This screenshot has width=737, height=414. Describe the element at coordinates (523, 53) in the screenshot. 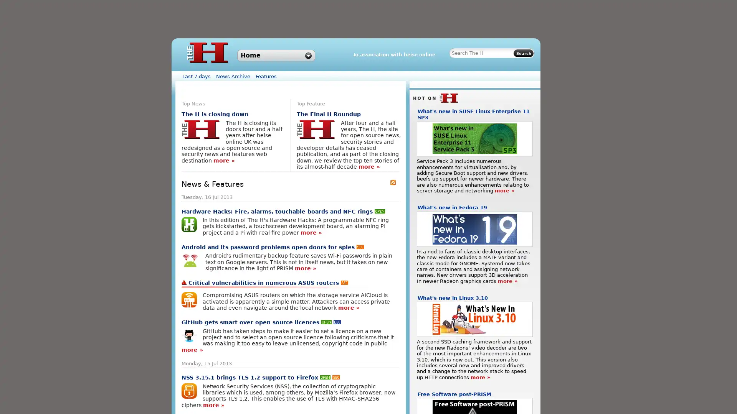

I see `Search` at that location.